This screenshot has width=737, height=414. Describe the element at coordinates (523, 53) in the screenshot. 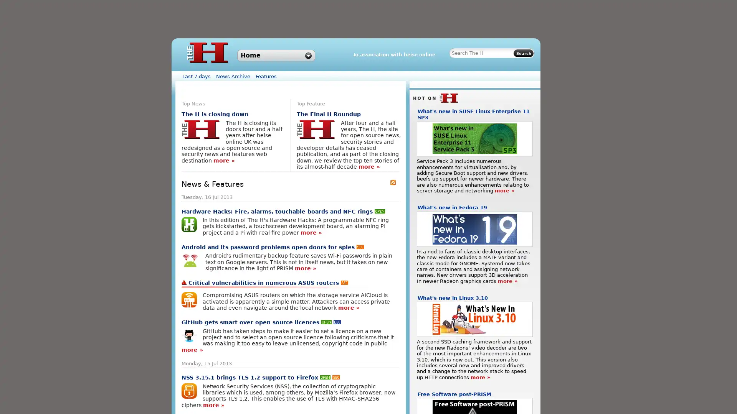

I see `Search` at that location.